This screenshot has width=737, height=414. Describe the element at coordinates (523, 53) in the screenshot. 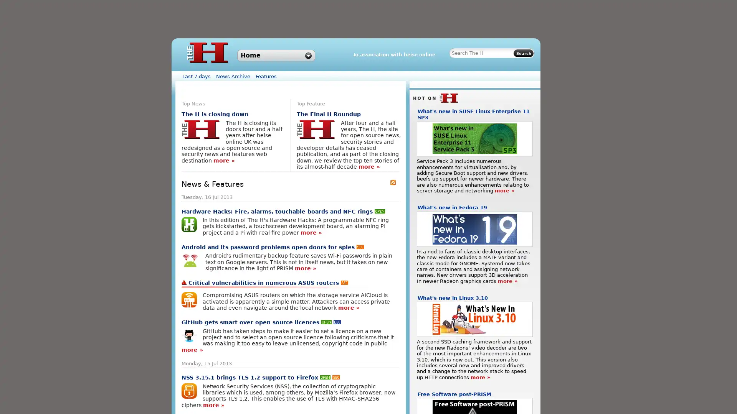

I see `Search` at that location.